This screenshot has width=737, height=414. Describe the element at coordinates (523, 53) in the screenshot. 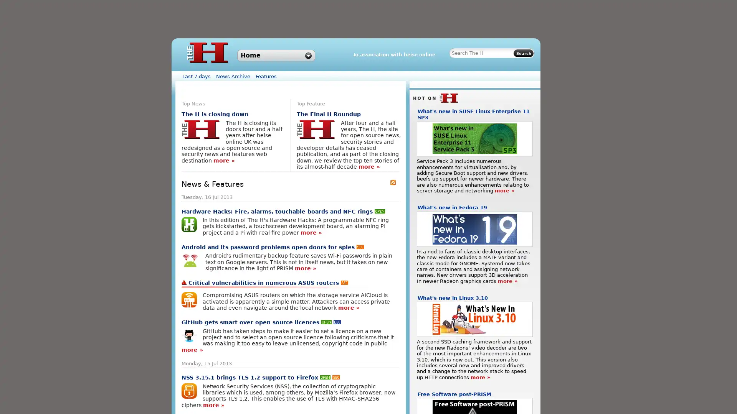

I see `Search` at that location.